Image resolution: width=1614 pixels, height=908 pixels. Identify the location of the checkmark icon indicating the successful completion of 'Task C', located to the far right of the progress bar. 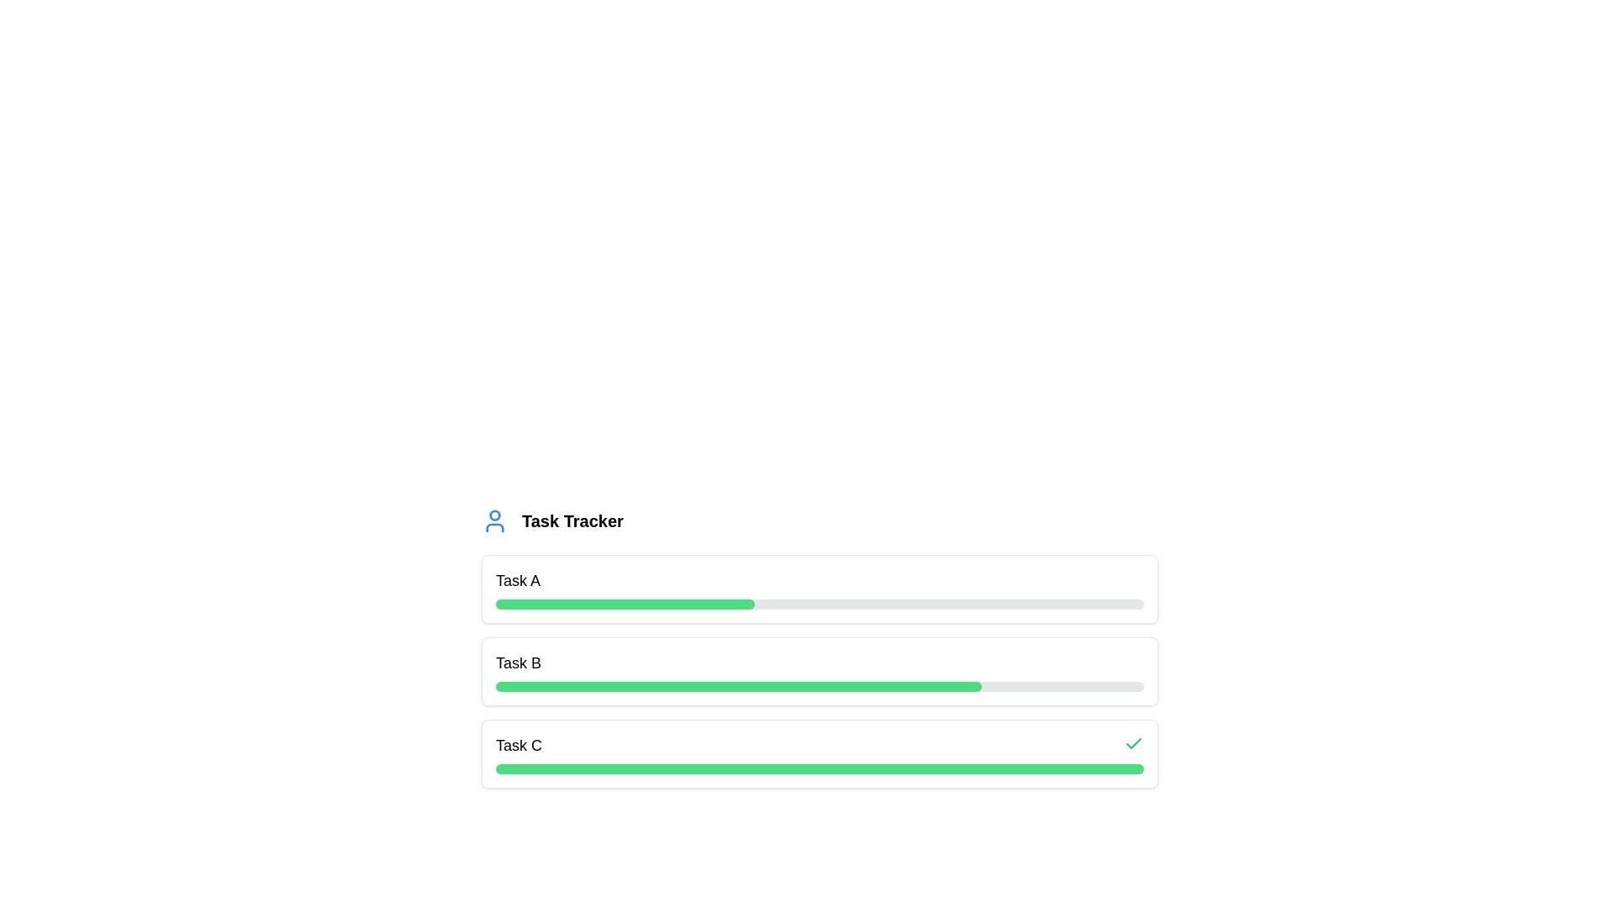
(1133, 742).